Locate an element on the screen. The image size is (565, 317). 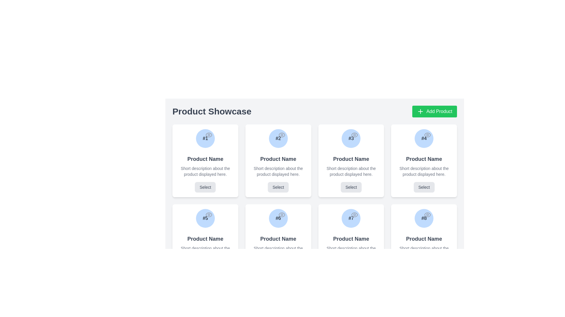
the text label that reads 'Product Name', which is styled in bold, medium size, and dark gray color, located within the sixth card of a grid layout, positioned below the circular header with the number 6 is located at coordinates (278, 239).